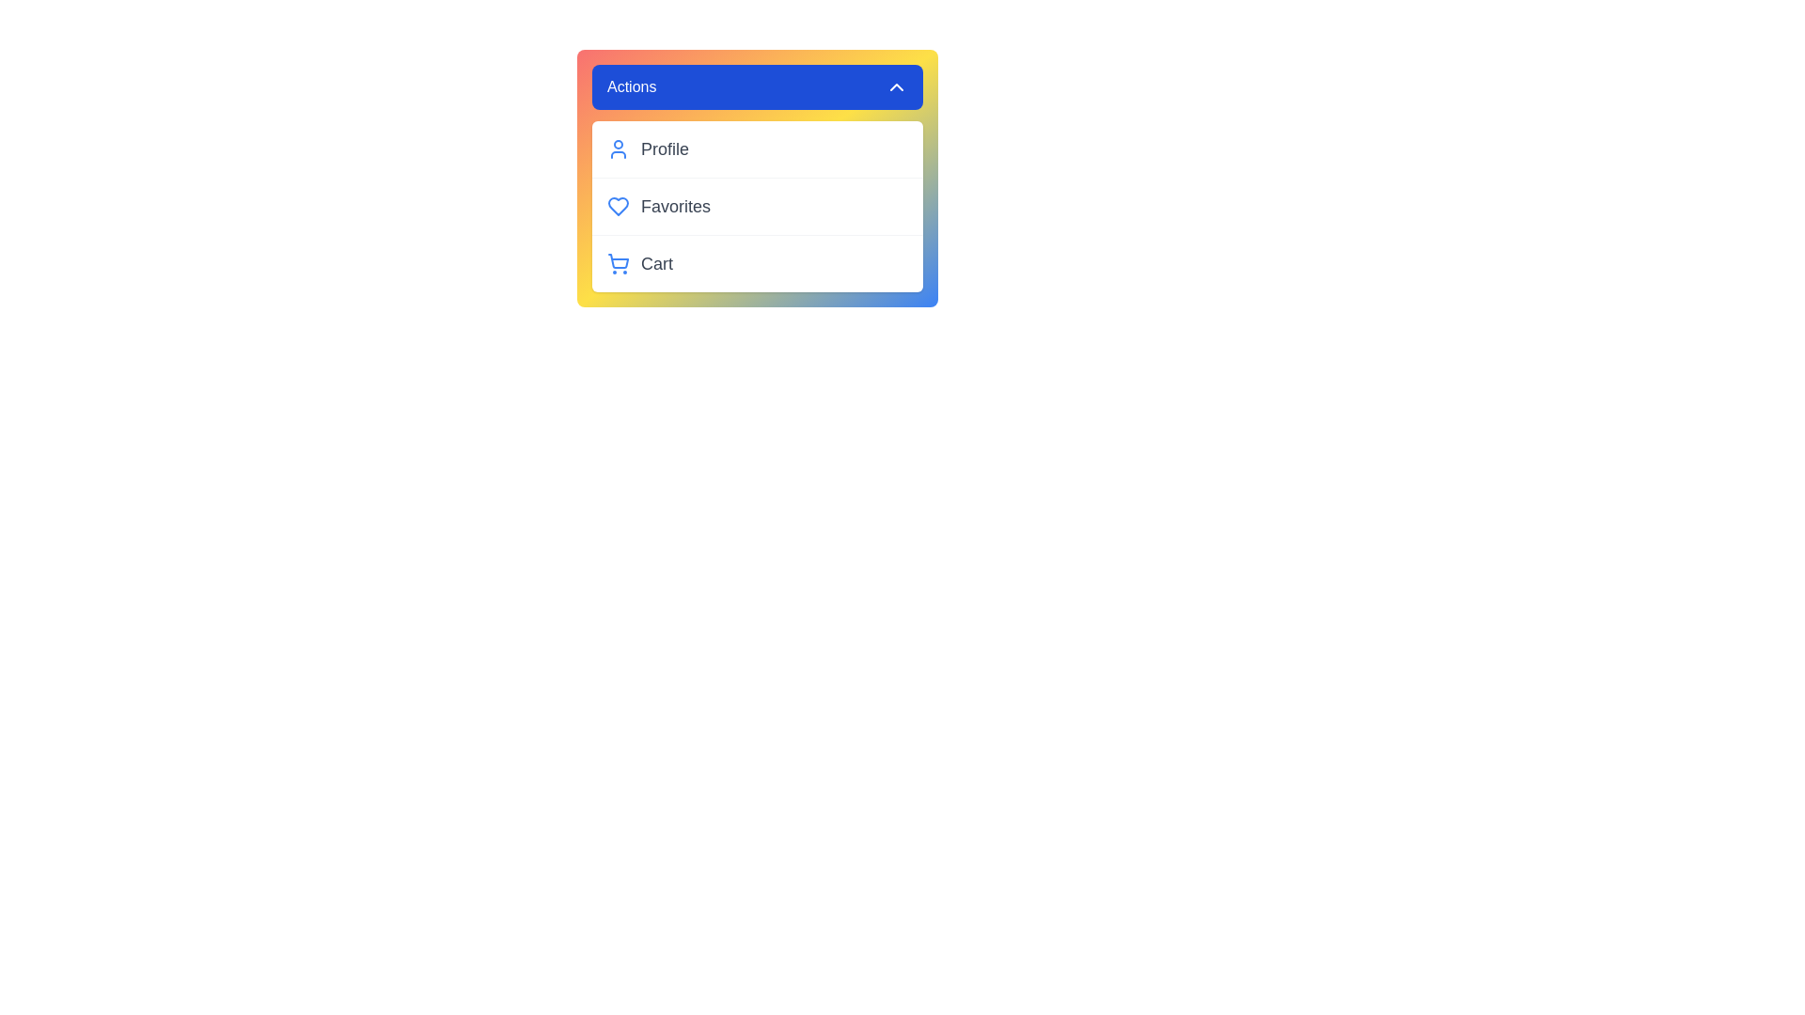 The width and height of the screenshot is (1805, 1015). What do you see at coordinates (618, 206) in the screenshot?
I see `the heart-shaped icon representing 'Favorites' located in the second row of the dropdown menu under 'Actions'` at bounding box center [618, 206].